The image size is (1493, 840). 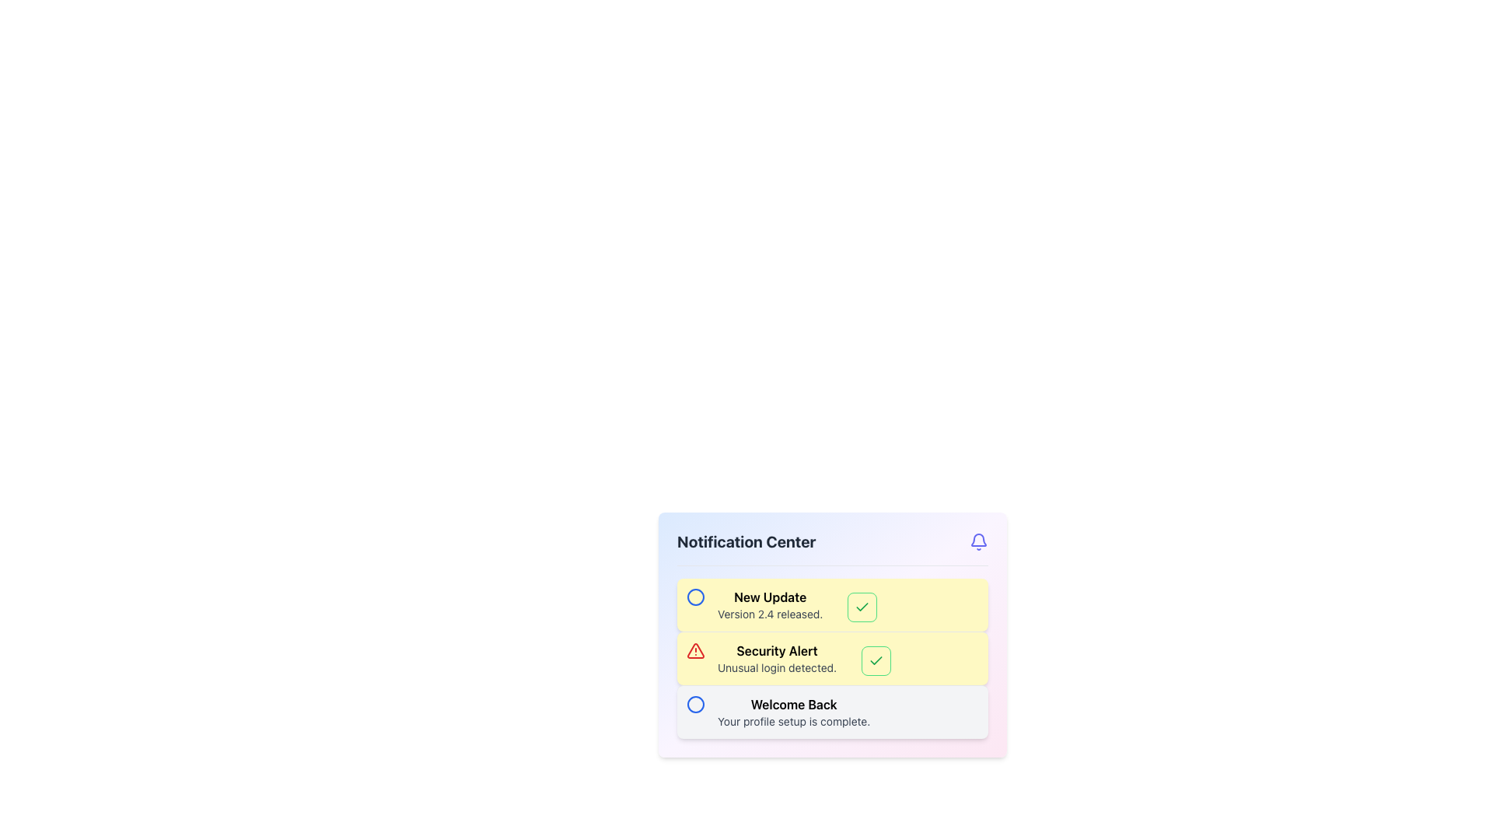 I want to click on the text element that displays 'Welcome Back' and 'Your profile setup is complete,' located in the lower portion of the notification component as the third notification, so click(x=794, y=712).